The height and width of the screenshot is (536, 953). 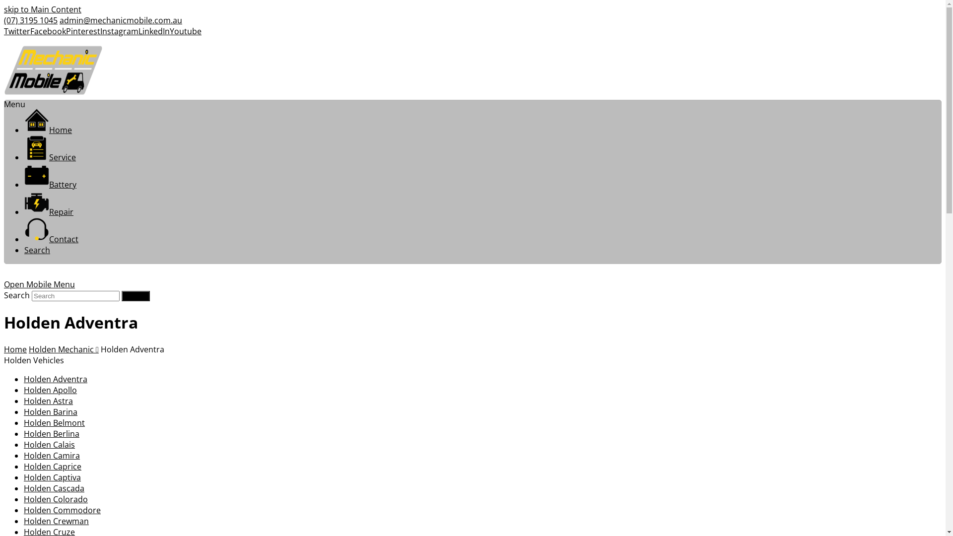 I want to click on 'Holden Calais', so click(x=49, y=444).